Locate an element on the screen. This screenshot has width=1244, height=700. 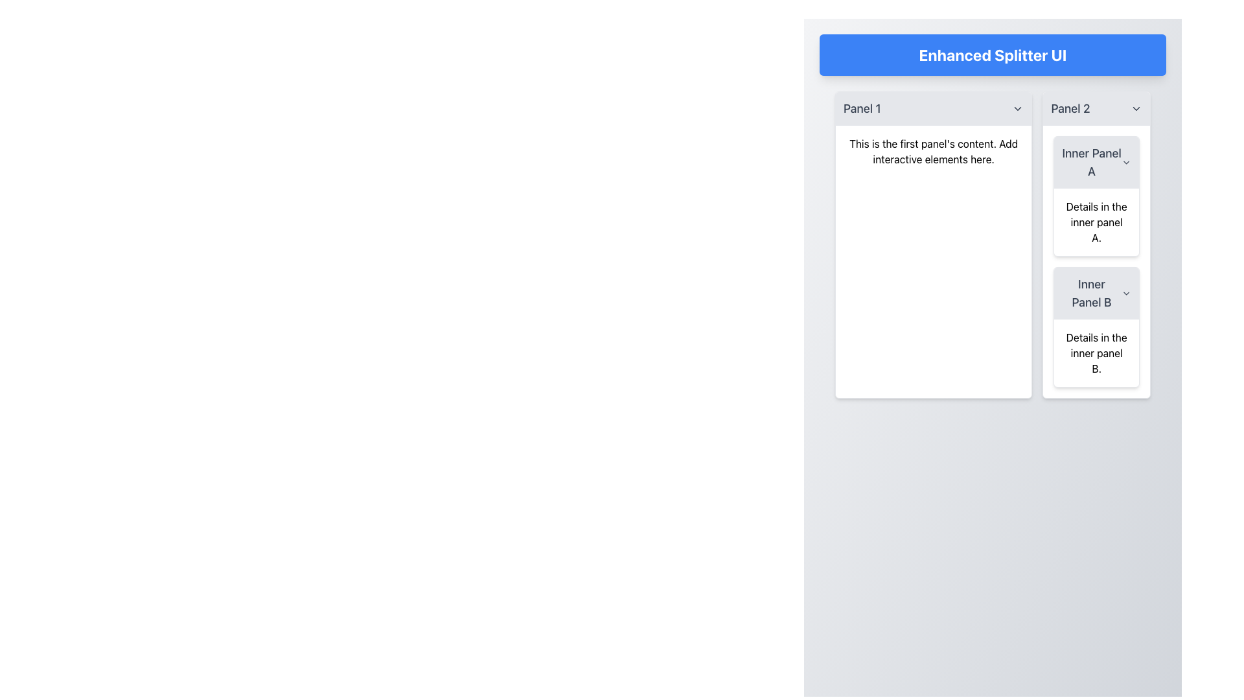
the static text content located at the top of 'Panel 1', which serves as an instruction for the user to add interactive elements is located at coordinates (934, 151).